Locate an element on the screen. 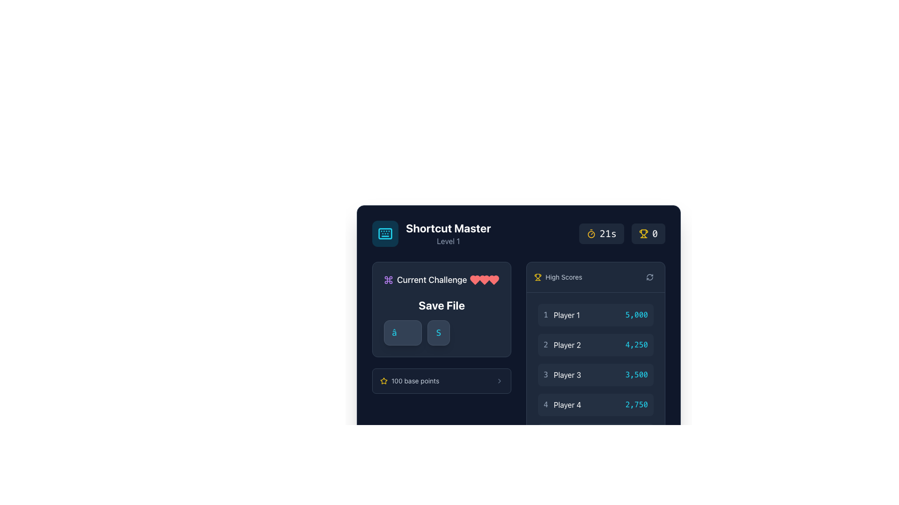 This screenshot has width=899, height=505. the text label identifying the player with the fourth-highest score in the High Scores section is located at coordinates (567, 404).